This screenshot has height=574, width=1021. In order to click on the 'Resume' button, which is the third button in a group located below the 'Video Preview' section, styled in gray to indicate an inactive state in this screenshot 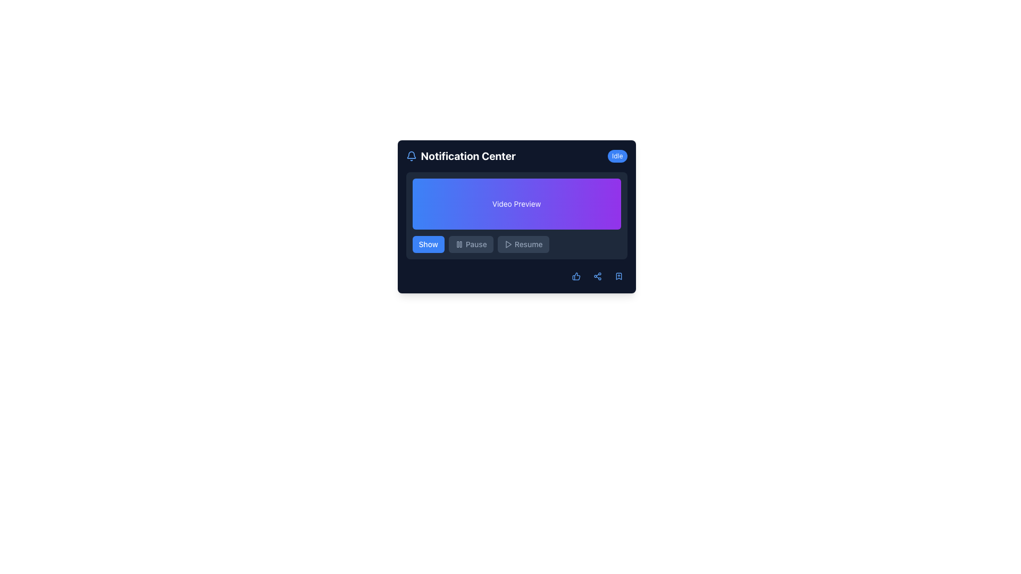, I will do `click(516, 244)`.